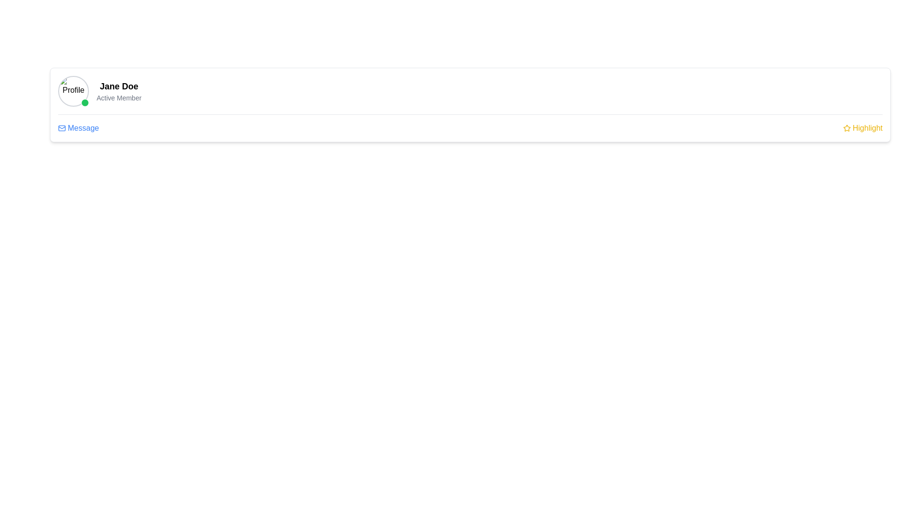 The height and width of the screenshot is (519, 923). I want to click on text label displaying 'Active Member' located beneath 'Jane Doe' in the profile card layout, so click(118, 98).